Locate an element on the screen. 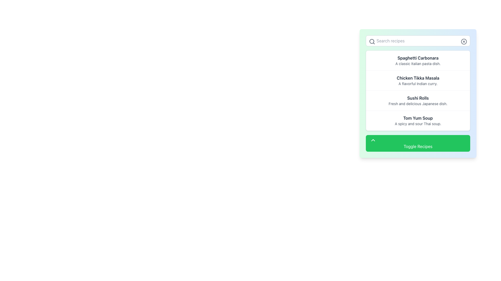 This screenshot has height=281, width=501. the text label that serves as the title for a recipe entry, located in the lower section of the recipe list, positioned above the descriptive text 'A spicy and sour Thai soup.' and below 'Sushi Rolls' is located at coordinates (418, 118).